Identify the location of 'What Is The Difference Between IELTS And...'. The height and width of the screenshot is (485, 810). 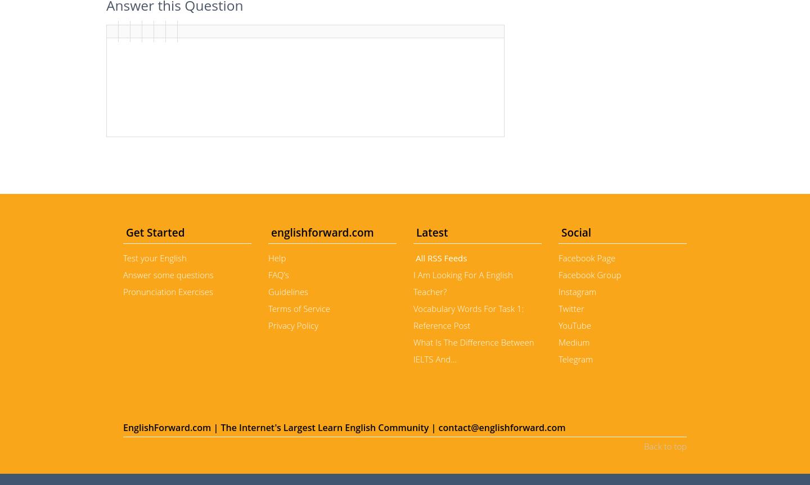
(412, 350).